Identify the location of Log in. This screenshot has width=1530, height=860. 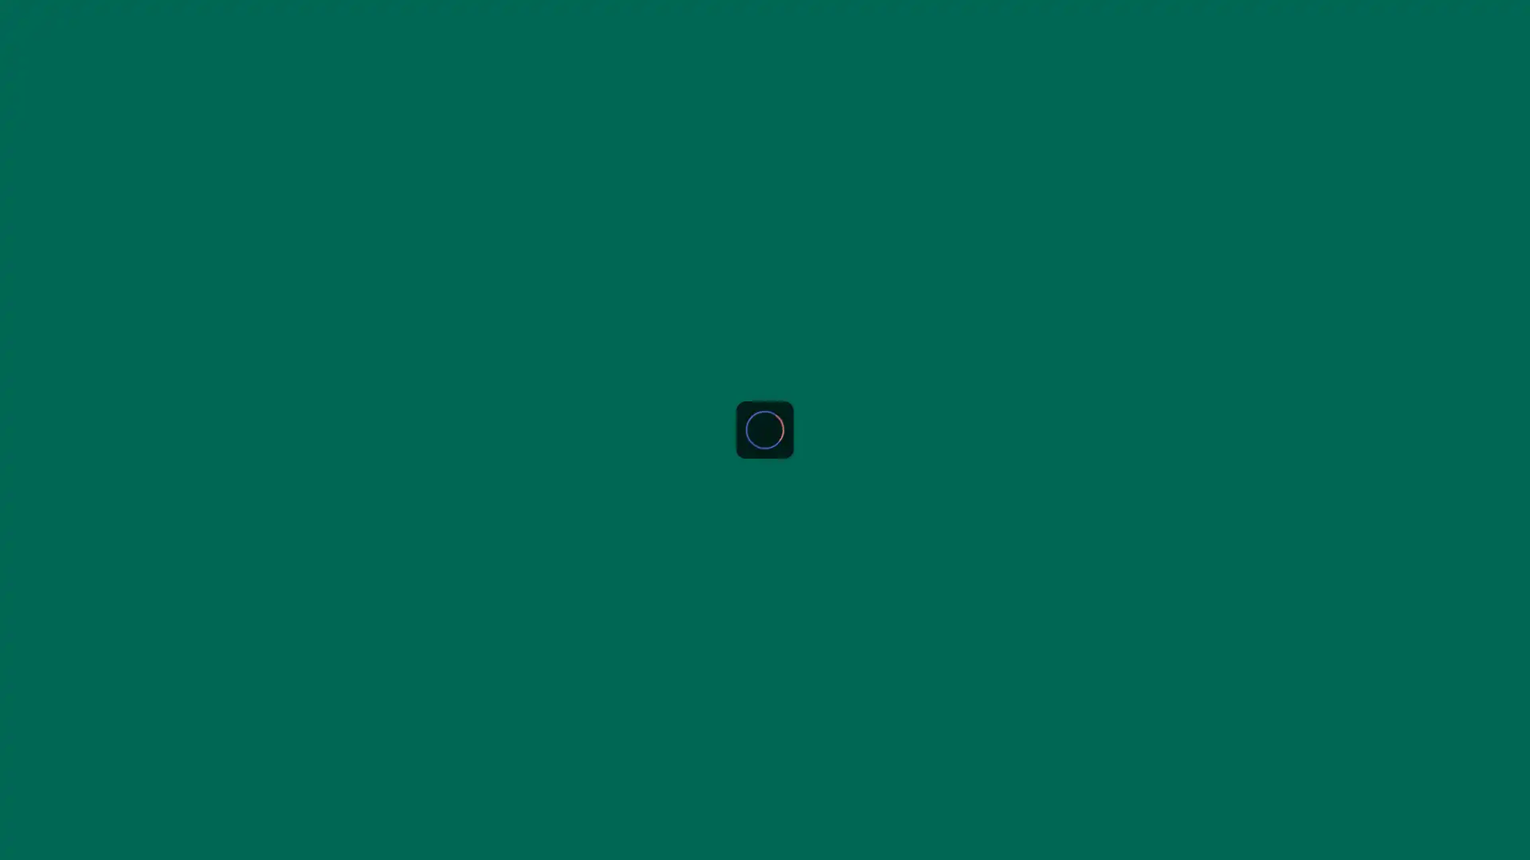
(814, 355).